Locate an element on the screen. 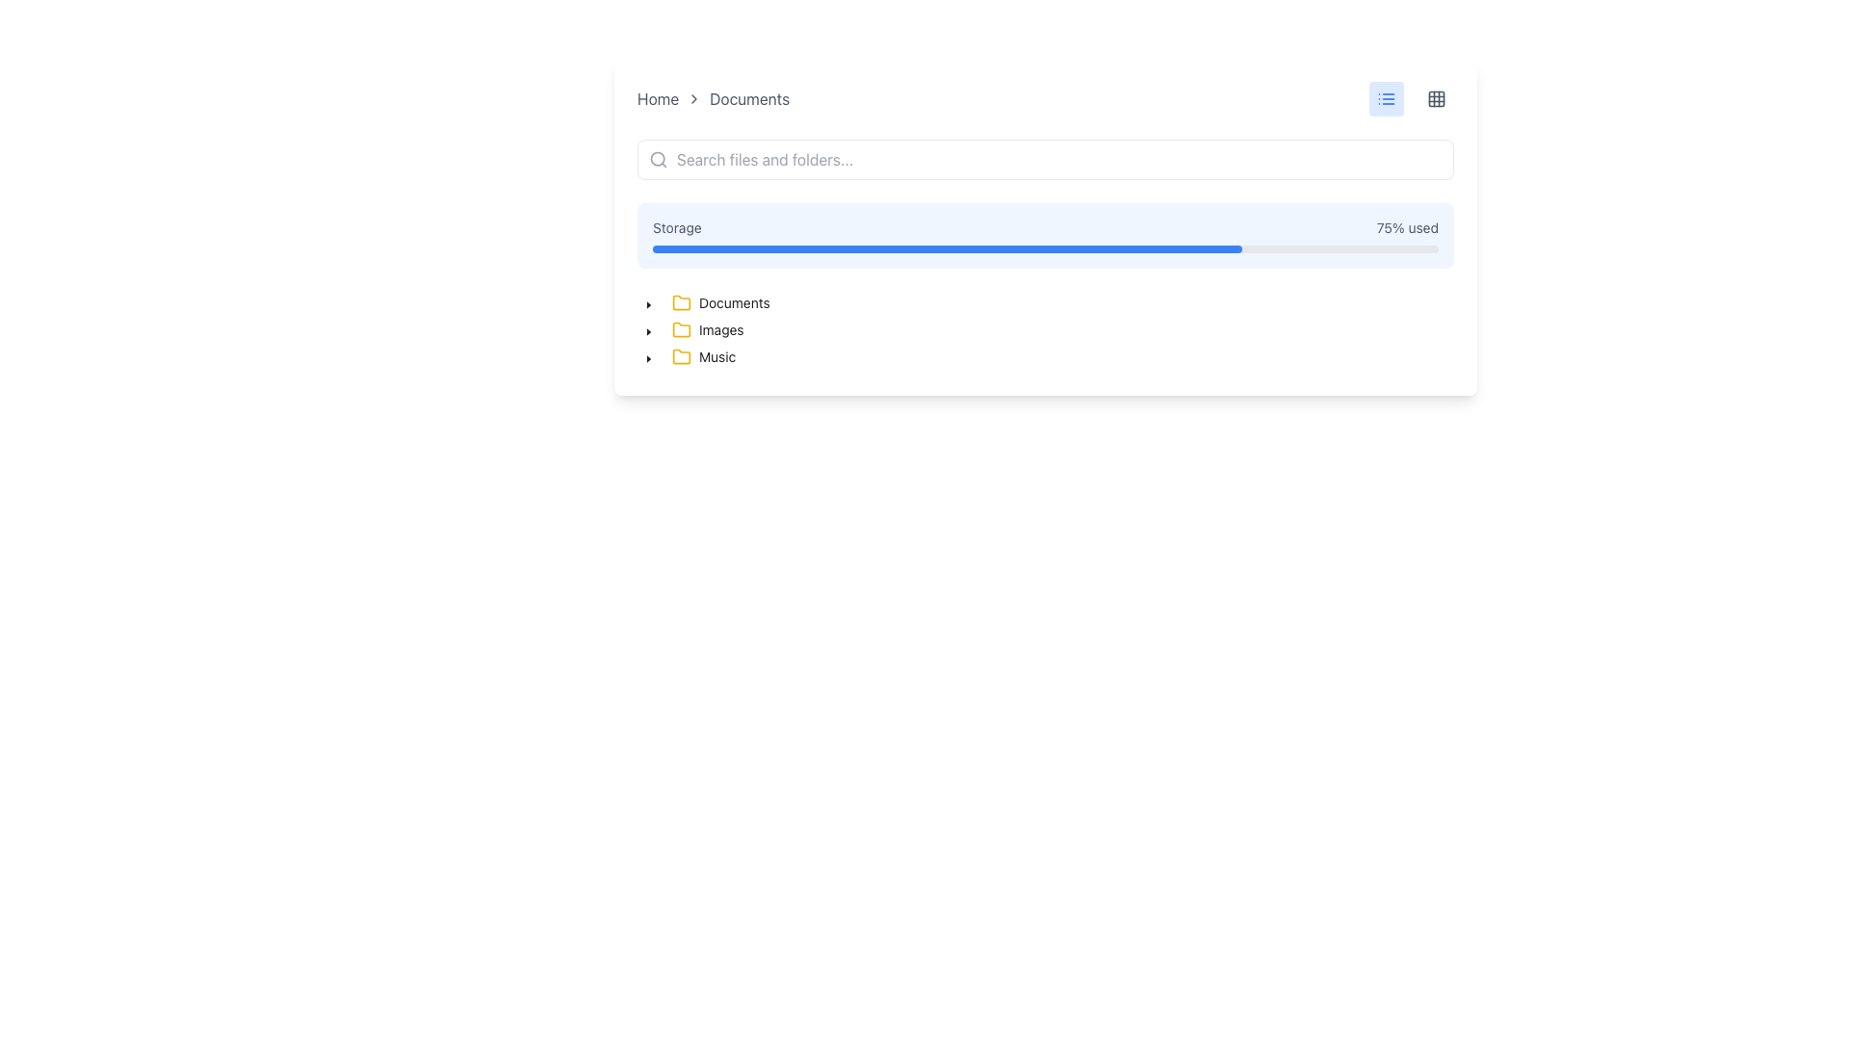  the icon button in the top-right corner of the interface is located at coordinates (1387, 99).